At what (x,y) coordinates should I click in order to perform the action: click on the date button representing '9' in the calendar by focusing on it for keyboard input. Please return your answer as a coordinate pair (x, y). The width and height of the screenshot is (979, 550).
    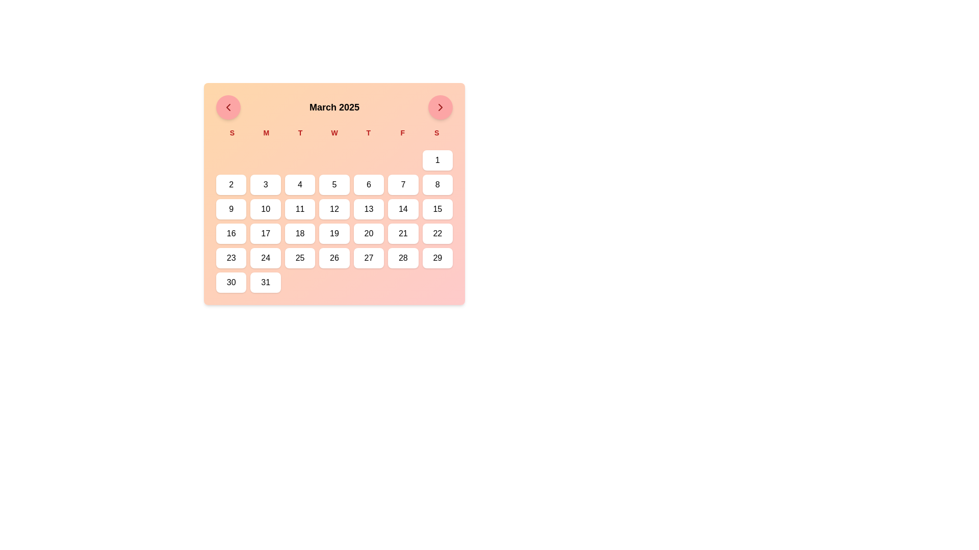
    Looking at the image, I should click on (230, 209).